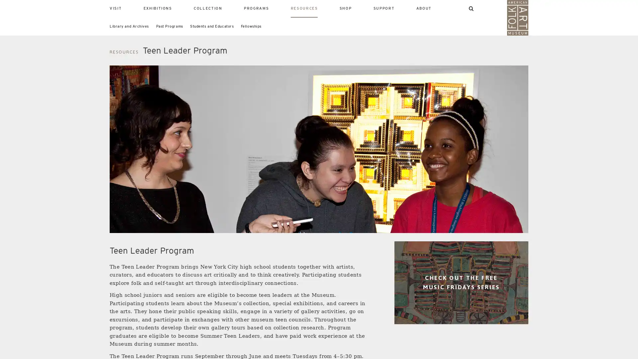 This screenshot has height=359, width=638. What do you see at coordinates (511, 49) in the screenshot?
I see `SEARCH` at bounding box center [511, 49].